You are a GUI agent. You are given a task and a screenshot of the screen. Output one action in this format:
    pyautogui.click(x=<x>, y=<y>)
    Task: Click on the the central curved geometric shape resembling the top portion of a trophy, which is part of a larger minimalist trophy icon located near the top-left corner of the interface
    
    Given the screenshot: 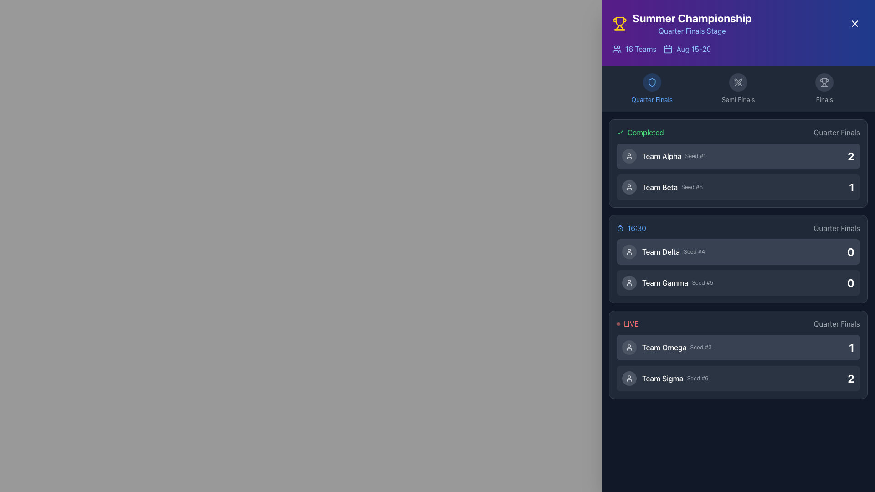 What is the action you would take?
    pyautogui.click(x=824, y=81)
    